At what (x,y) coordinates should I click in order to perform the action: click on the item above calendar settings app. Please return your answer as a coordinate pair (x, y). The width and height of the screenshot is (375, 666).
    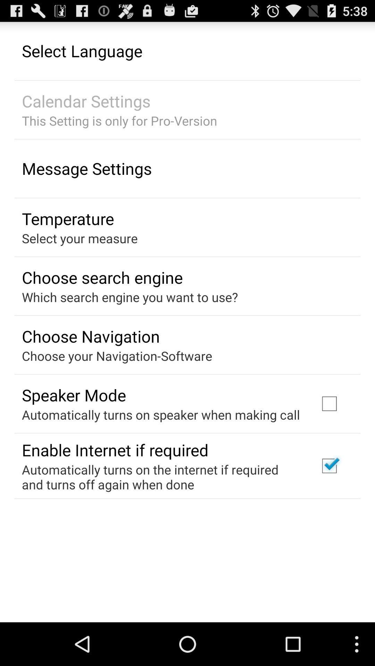
    Looking at the image, I should click on (82, 50).